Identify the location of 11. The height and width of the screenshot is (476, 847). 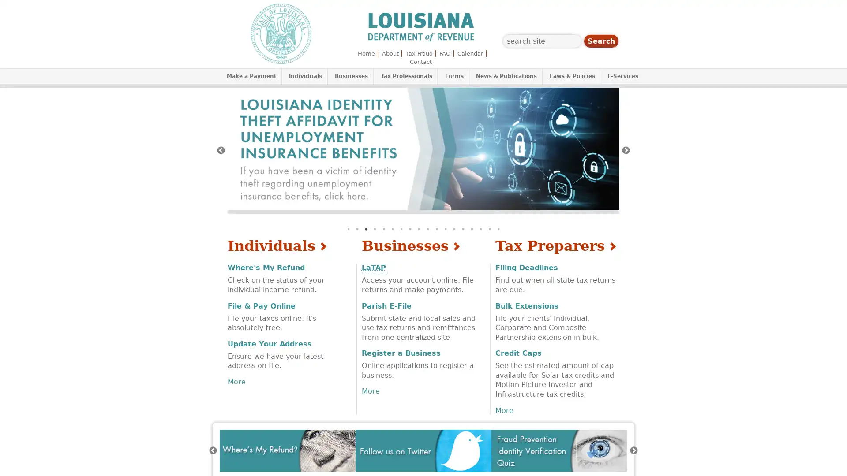
(436, 229).